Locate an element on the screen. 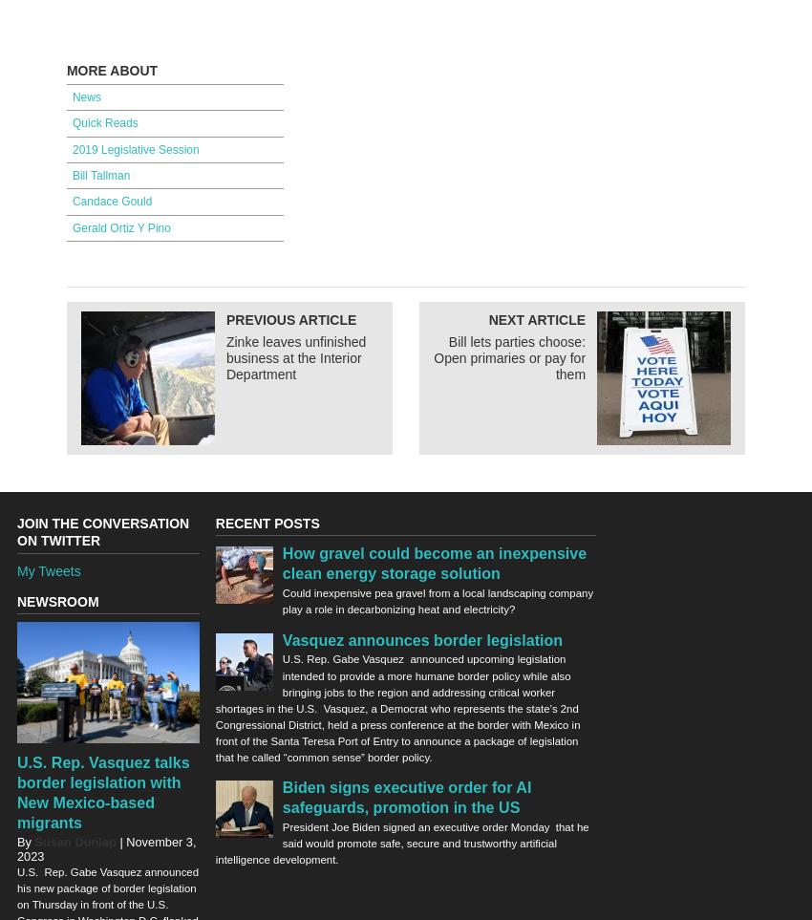  'Recent Posts' is located at coordinates (214, 523).